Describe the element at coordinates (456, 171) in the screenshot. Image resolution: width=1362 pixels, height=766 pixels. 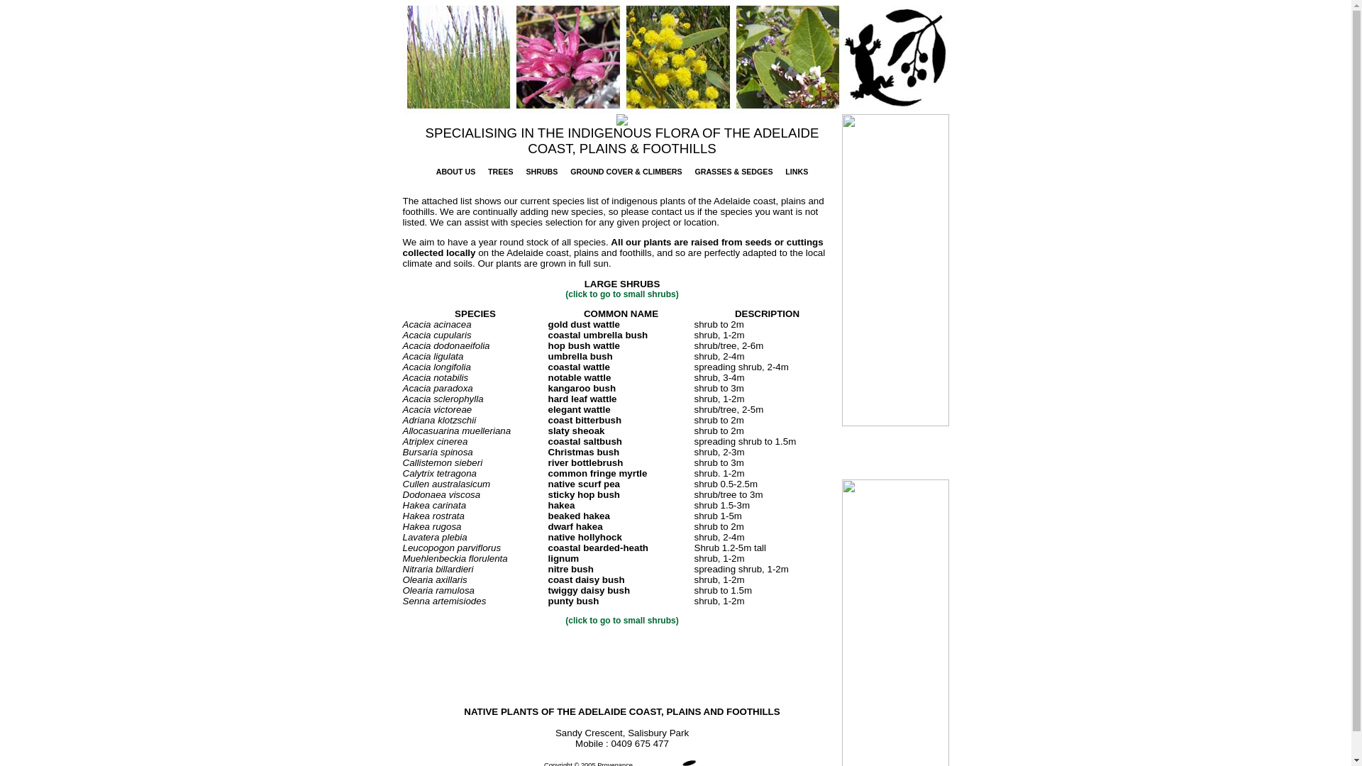
I see `'ABOUT US'` at that location.